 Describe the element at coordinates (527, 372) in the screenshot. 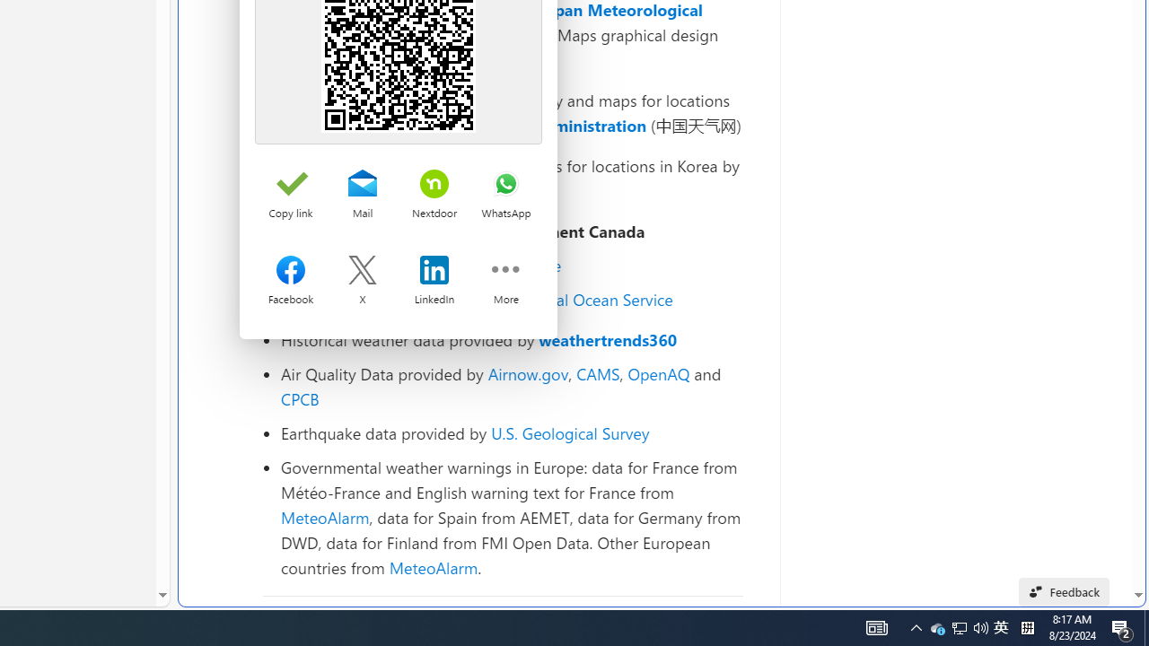

I see `'Airnow.gov'` at that location.